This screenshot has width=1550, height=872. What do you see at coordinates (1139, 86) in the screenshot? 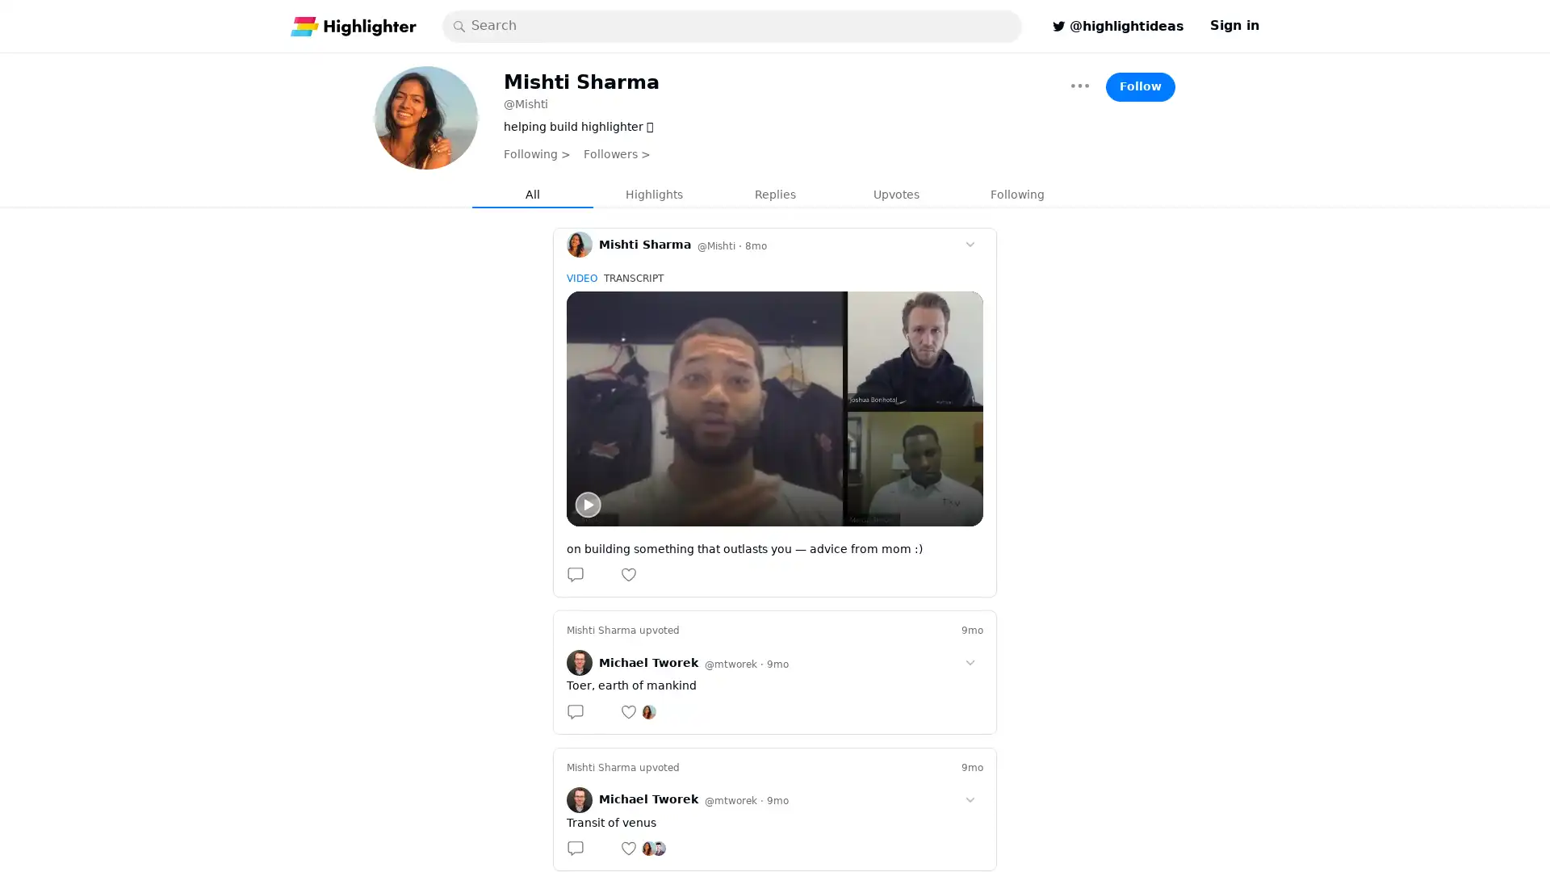
I see `Follow` at bounding box center [1139, 86].